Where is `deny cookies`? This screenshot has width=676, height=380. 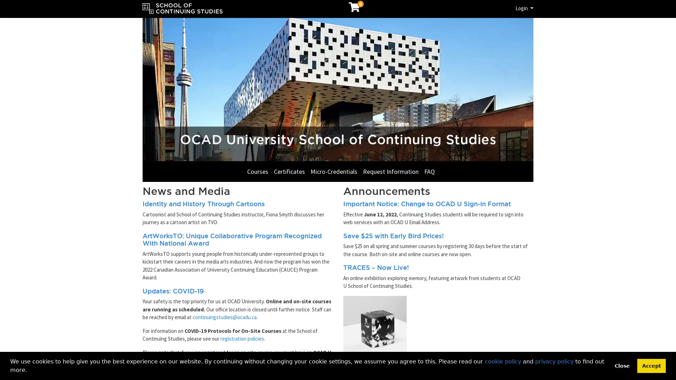 deny cookies is located at coordinates (622, 365).